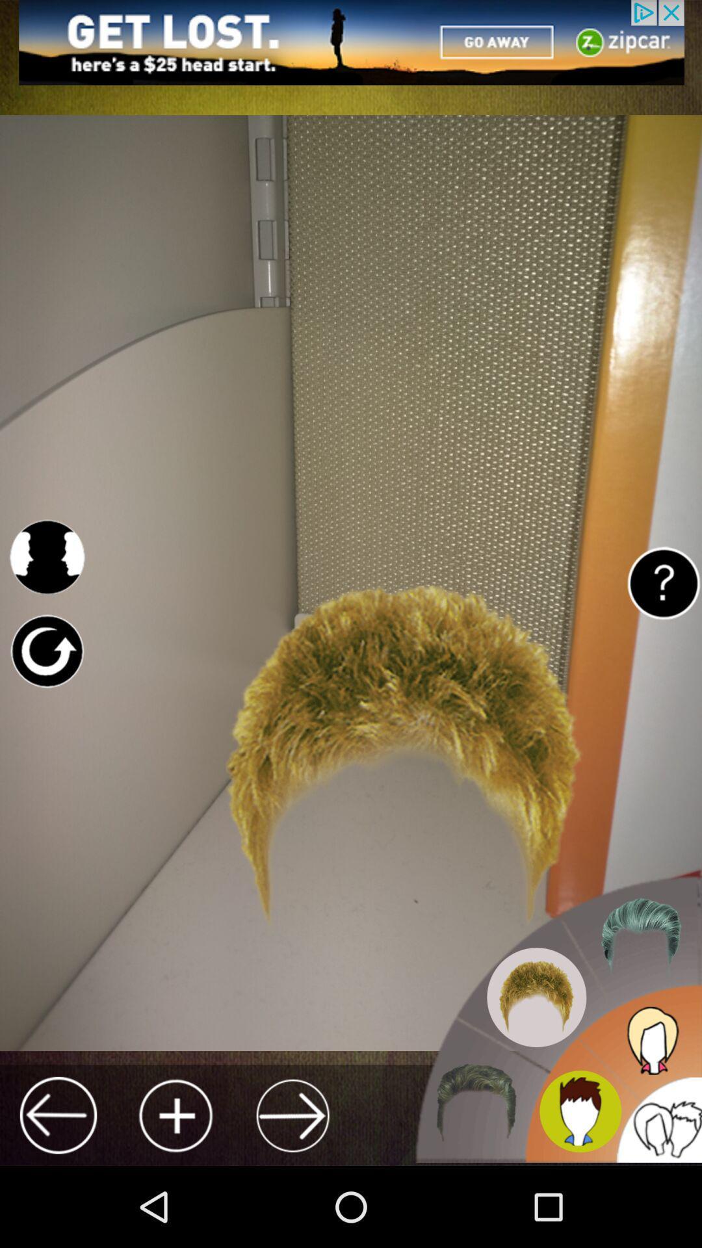  What do you see at coordinates (46, 696) in the screenshot?
I see `the refresh icon` at bounding box center [46, 696].